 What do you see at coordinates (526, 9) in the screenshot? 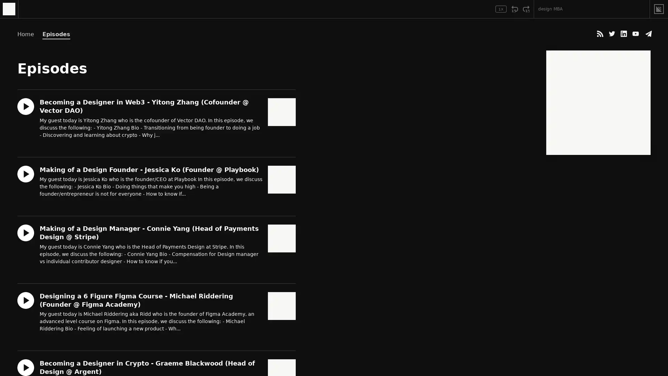
I see `Fast Forward 15 Seconds` at bounding box center [526, 9].